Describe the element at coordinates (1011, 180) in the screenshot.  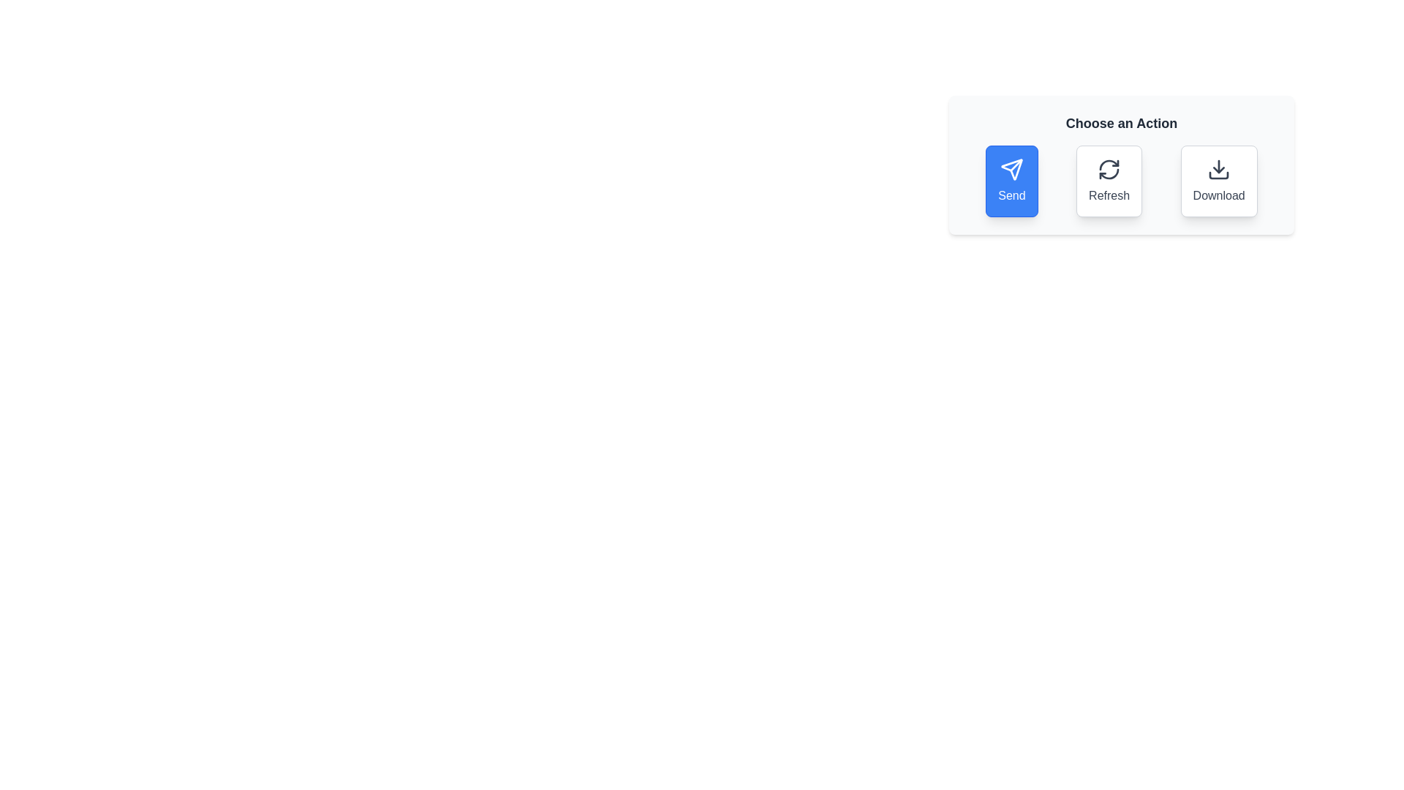
I see `the action chip corresponding to Send` at that location.